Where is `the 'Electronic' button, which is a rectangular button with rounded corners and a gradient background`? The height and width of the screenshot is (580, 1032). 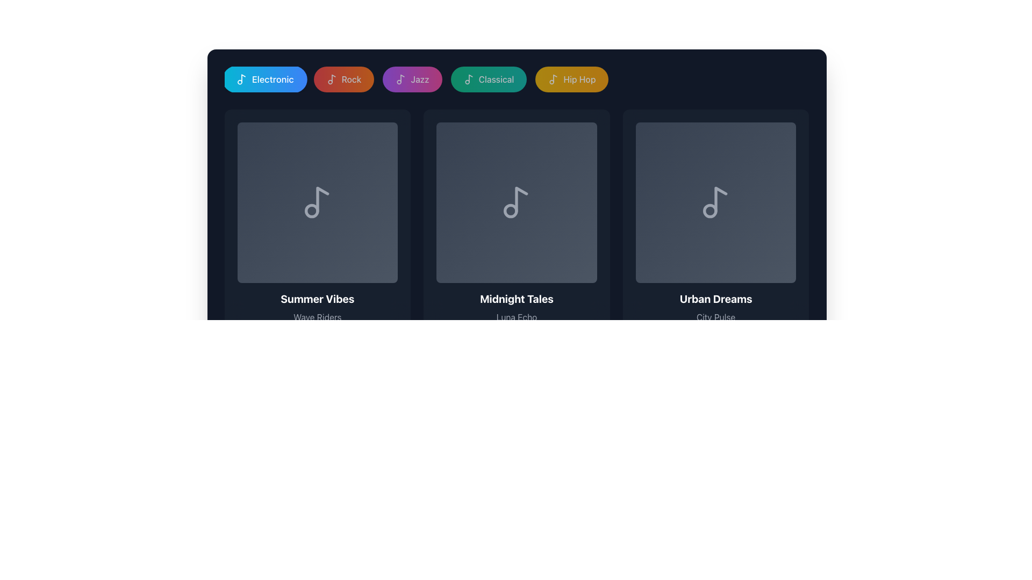
the 'Electronic' button, which is a rectangular button with rounded corners and a gradient background is located at coordinates (264, 78).